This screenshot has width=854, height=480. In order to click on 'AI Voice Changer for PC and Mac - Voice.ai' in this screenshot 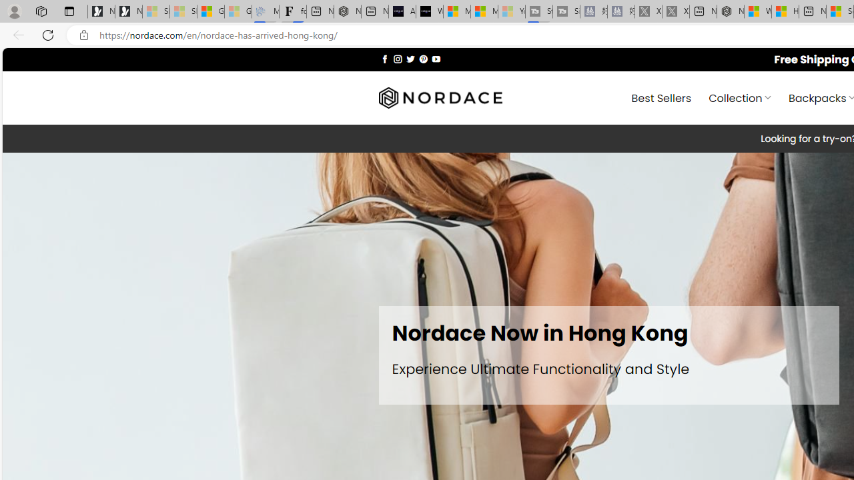, I will do `click(401, 11)`.